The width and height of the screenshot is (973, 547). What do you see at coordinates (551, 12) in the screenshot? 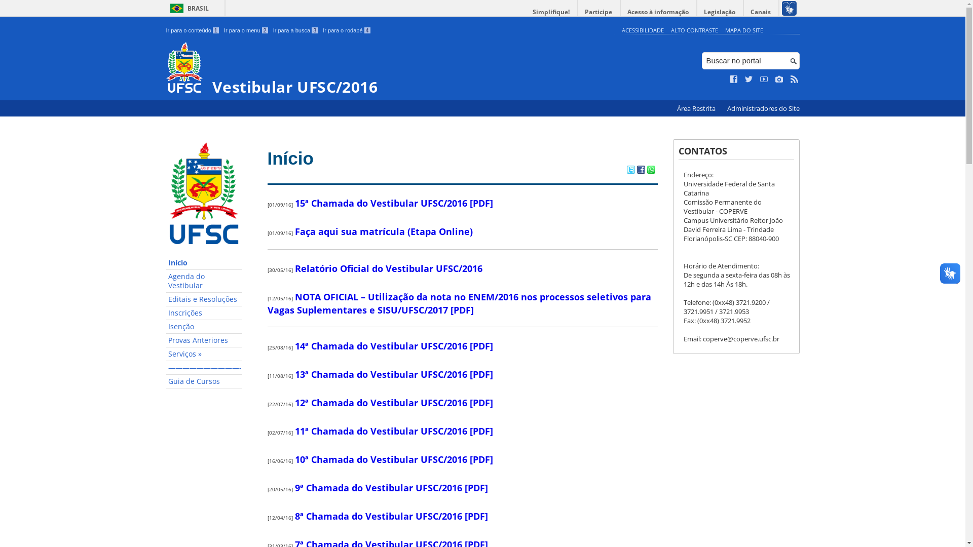
I see `'Simplifique!'` at bounding box center [551, 12].